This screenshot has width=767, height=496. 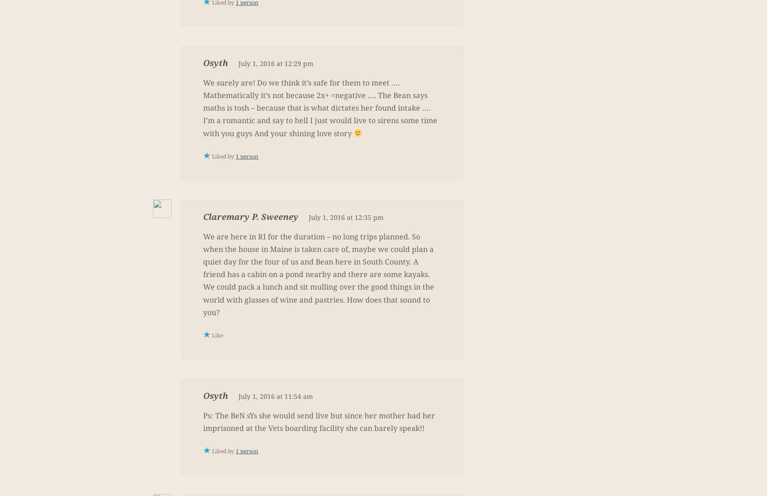 I want to click on 'Ps: The BeN sYs she would send live but since her mother had her  imprisoned at the Vets boarding facility she can barely speak!!', so click(x=318, y=422).